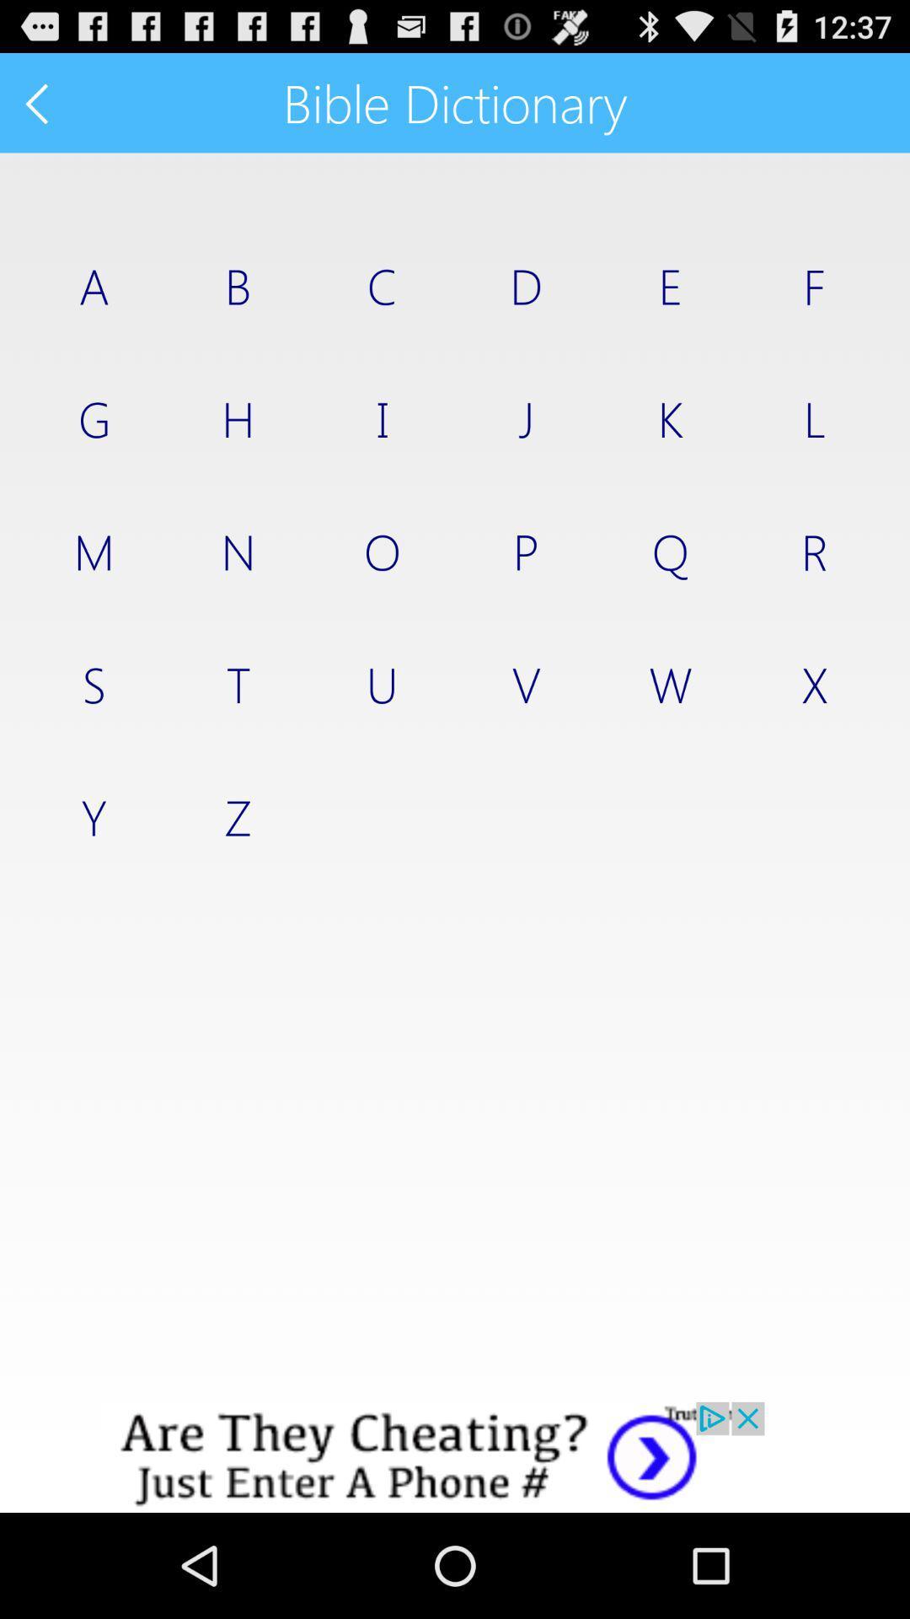 The width and height of the screenshot is (910, 1619). What do you see at coordinates (38, 102) in the screenshot?
I see `previous` at bounding box center [38, 102].